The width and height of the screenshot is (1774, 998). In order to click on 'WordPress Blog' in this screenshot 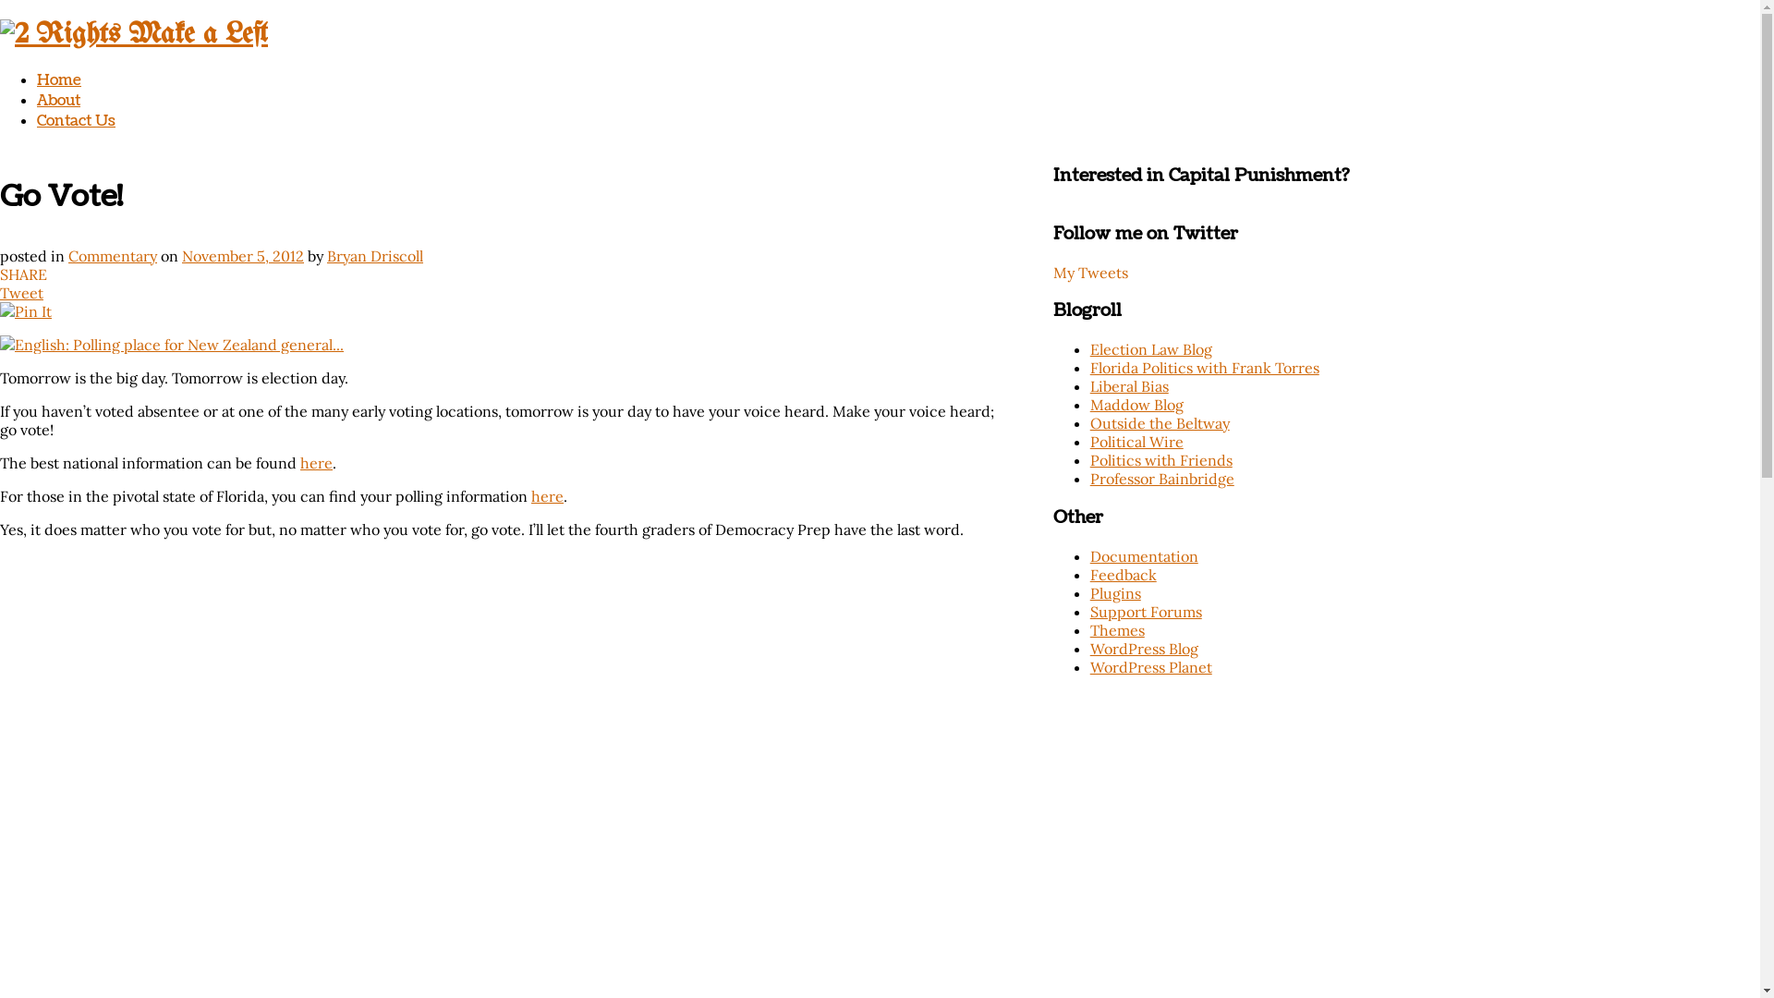, I will do `click(1143, 648)`.